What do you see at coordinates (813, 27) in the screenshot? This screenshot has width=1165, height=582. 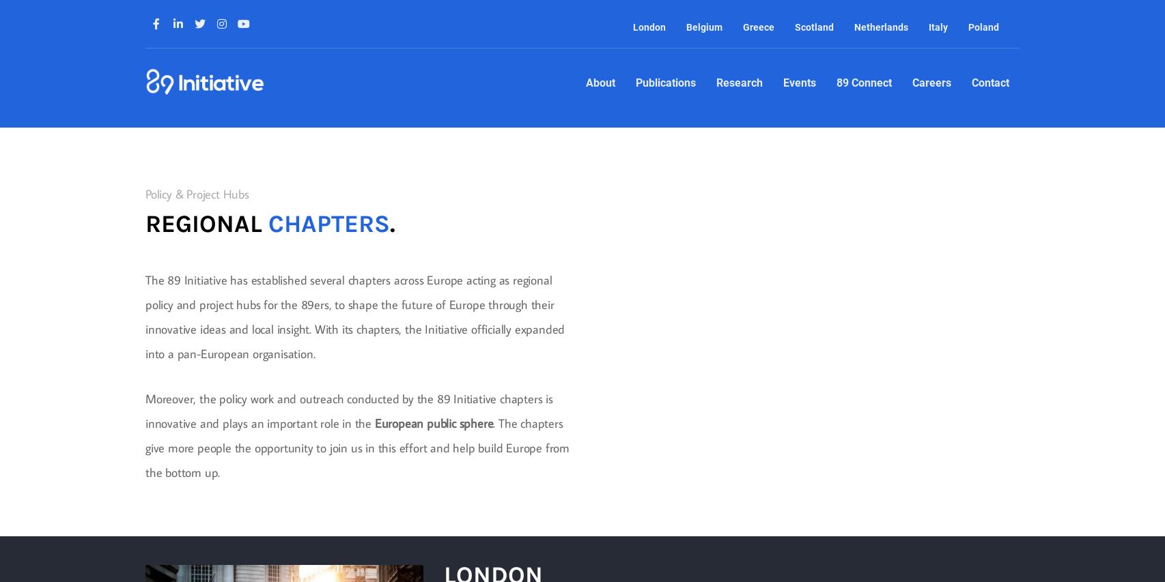 I see `'Scotland'` at bounding box center [813, 27].